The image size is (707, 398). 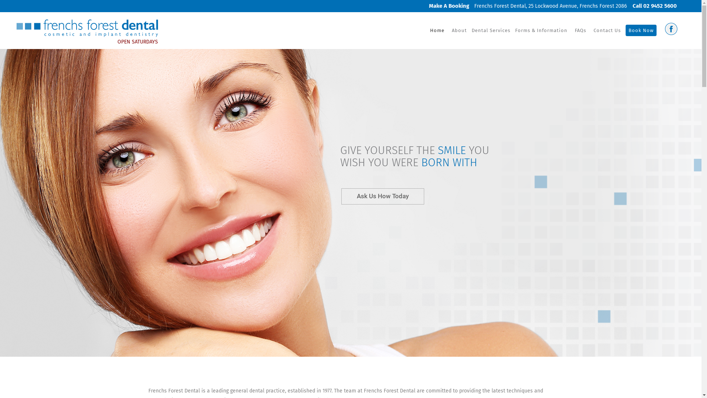 I want to click on 'Make A Booking', so click(x=424, y=6).